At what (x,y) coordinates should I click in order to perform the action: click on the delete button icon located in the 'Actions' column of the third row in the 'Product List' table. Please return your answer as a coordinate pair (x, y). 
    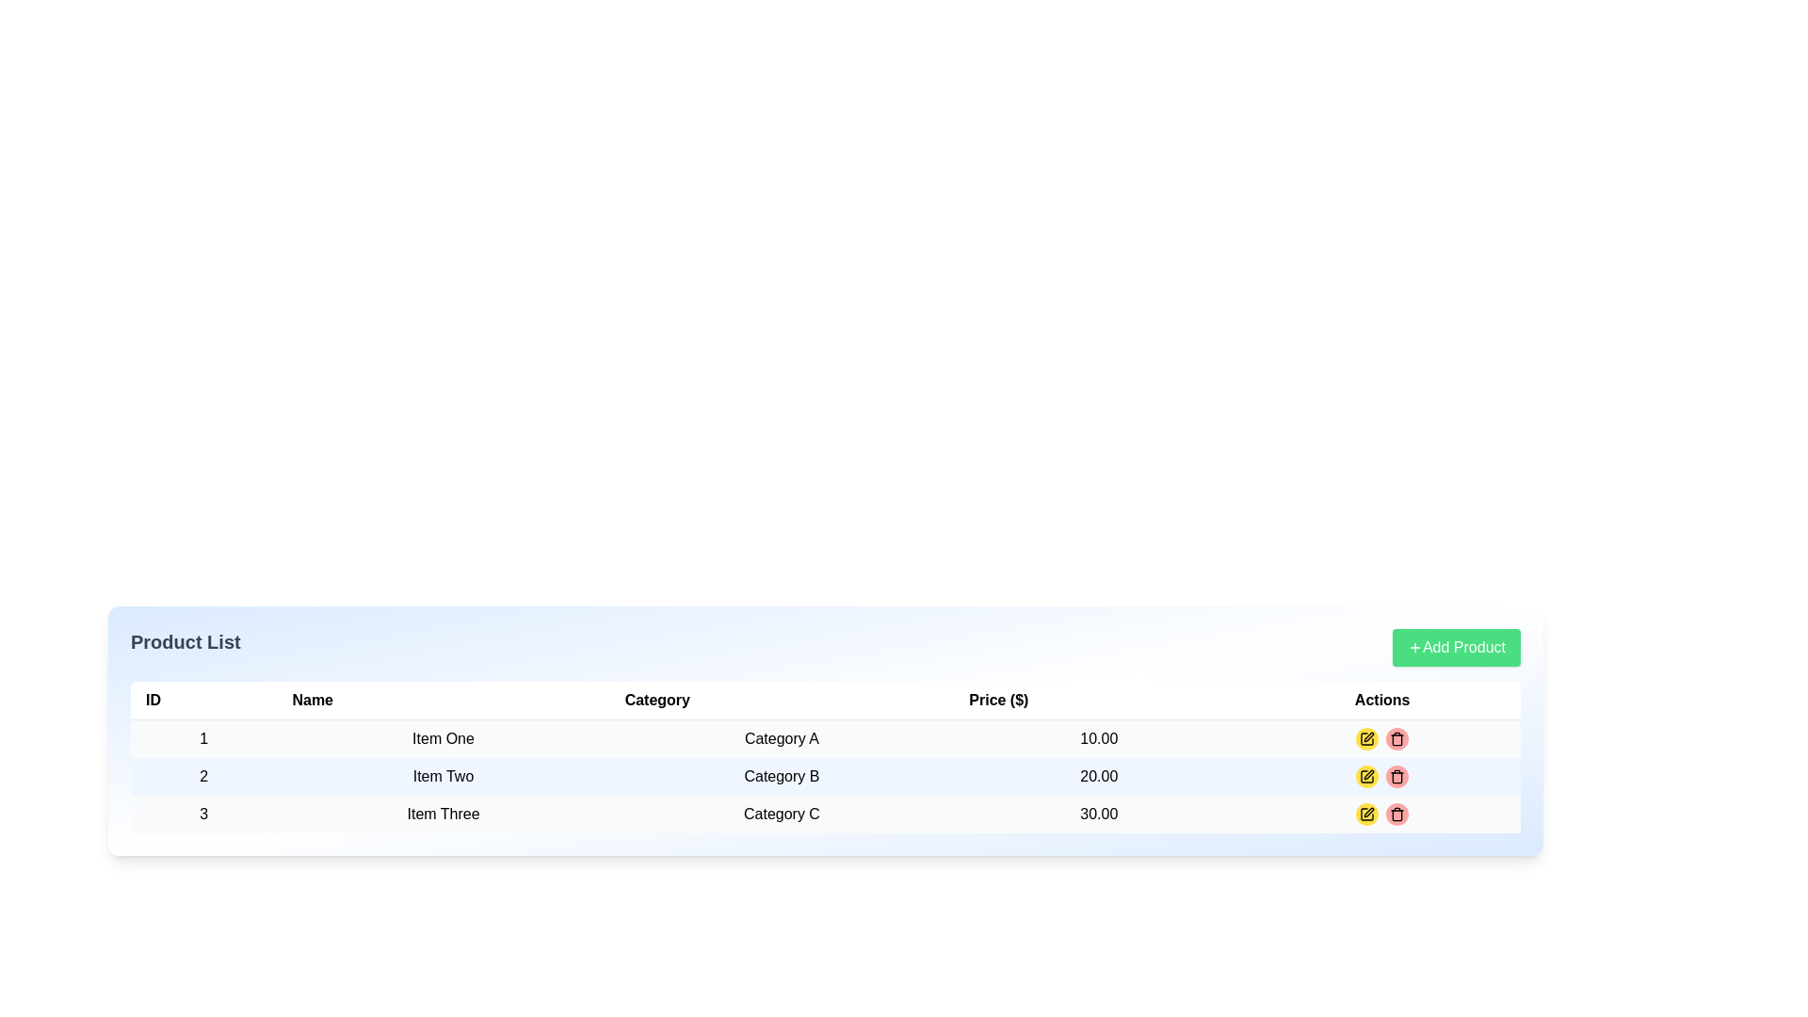
    Looking at the image, I should click on (1397, 813).